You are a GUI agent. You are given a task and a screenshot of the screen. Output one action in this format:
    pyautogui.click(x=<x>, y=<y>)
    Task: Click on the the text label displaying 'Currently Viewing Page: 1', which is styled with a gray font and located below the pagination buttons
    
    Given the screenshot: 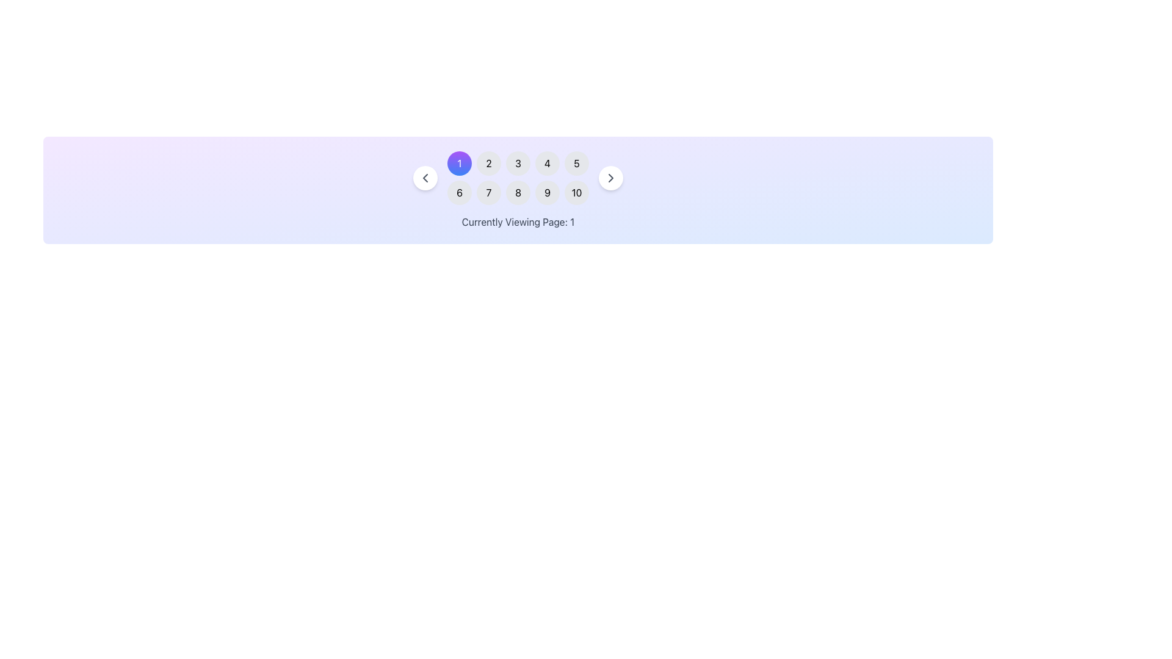 What is the action you would take?
    pyautogui.click(x=518, y=221)
    